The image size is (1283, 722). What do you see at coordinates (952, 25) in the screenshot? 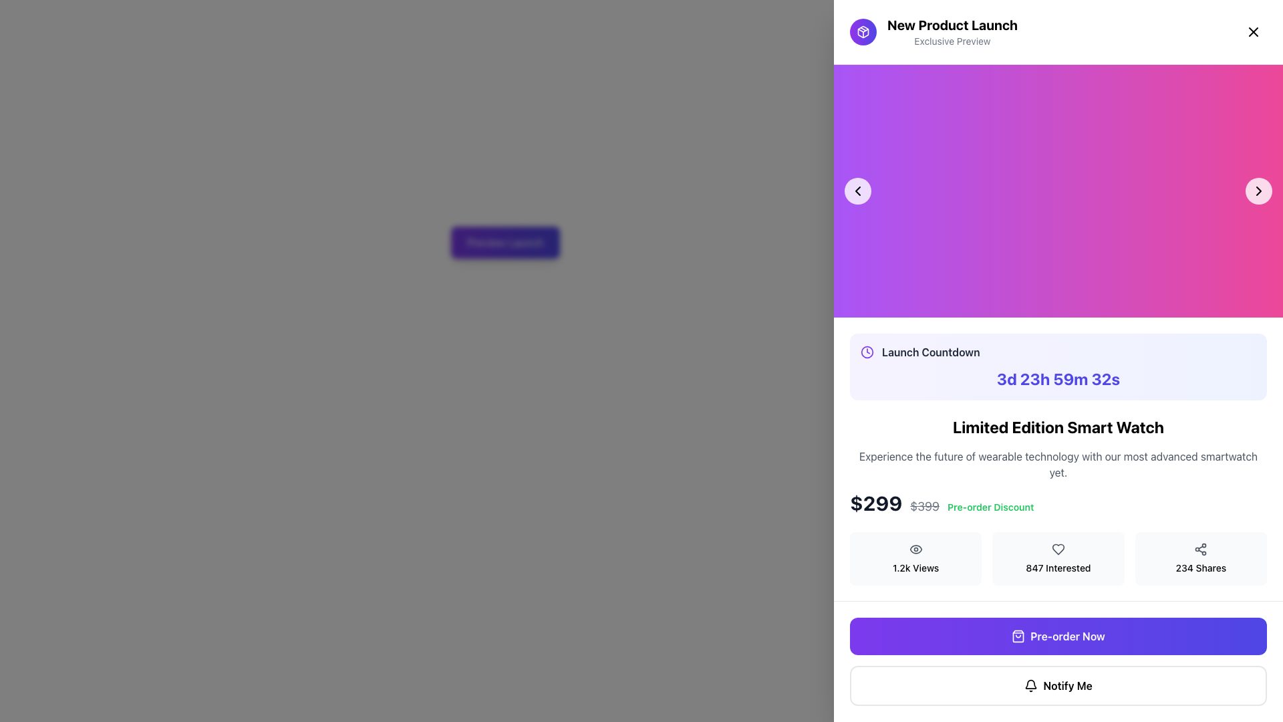
I see `text from the Text Label that displays 'New Product Launch', which is styled in a bold and large-sized font and located at the upper-right corner of the interface` at bounding box center [952, 25].